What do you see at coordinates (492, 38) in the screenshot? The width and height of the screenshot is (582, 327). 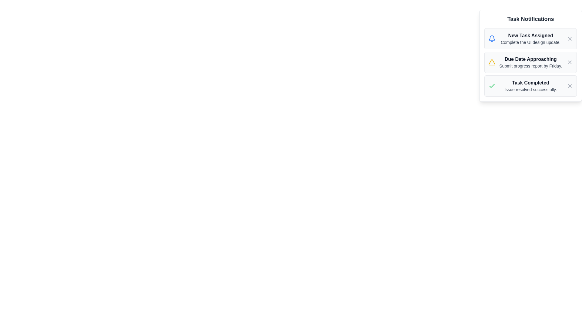 I see `the bottom flared portion of the bell icon graphic, which is a solid color outlined element` at bounding box center [492, 38].